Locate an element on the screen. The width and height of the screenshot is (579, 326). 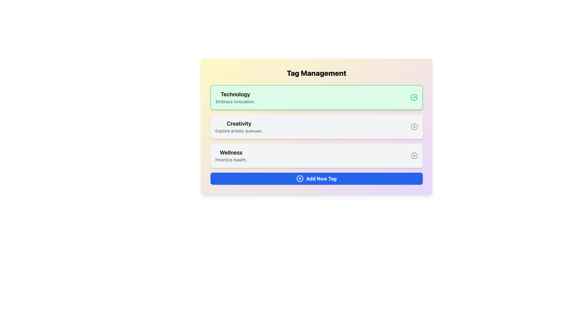
the text label that serves as the title for the 'Technology' category in the 'Tag Management' section, which is located within the topmost card of the vertical list is located at coordinates (235, 94).